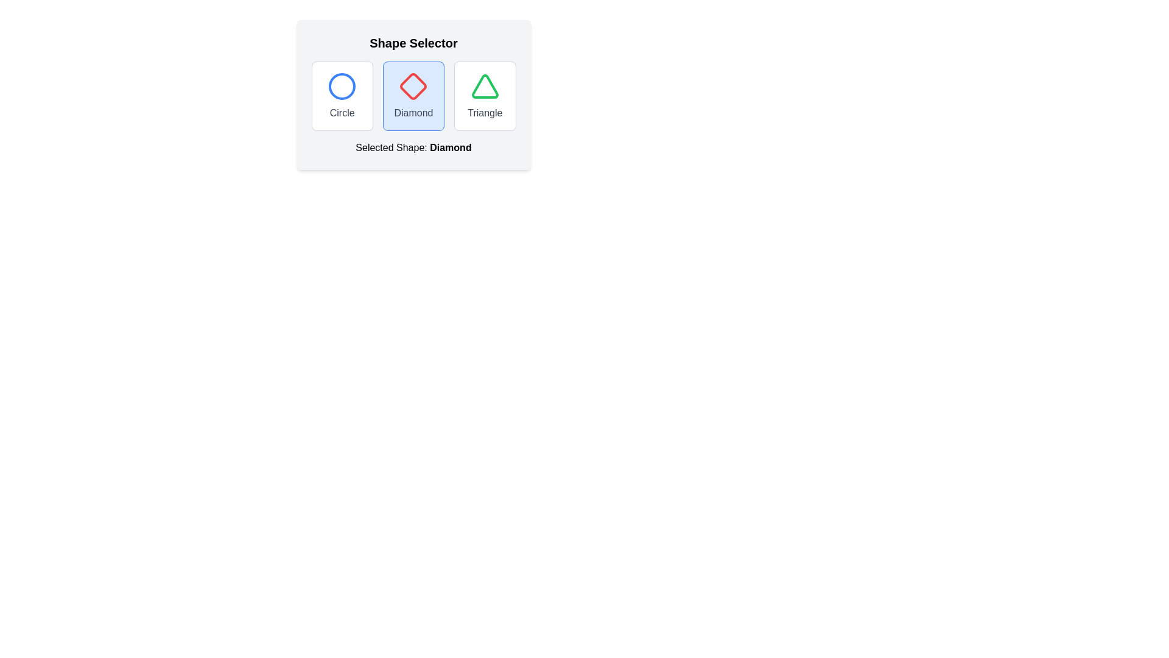  What do you see at coordinates (413, 94) in the screenshot?
I see `the 'Diamond' button in the 'Shape Selector' card` at bounding box center [413, 94].